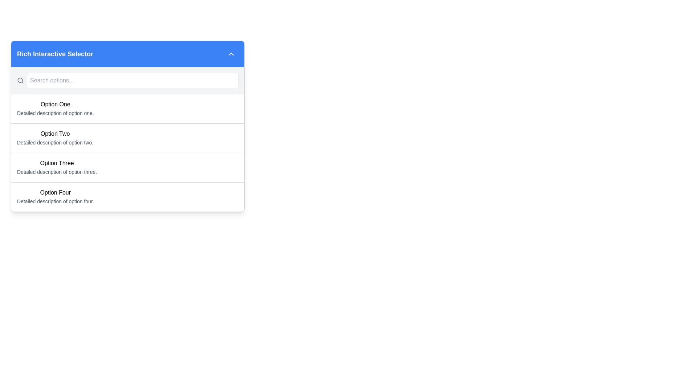  What do you see at coordinates (231, 54) in the screenshot?
I see `the collapse or minimize button located at the top-right corner of the 'Rich Interactive Selector' header` at bounding box center [231, 54].